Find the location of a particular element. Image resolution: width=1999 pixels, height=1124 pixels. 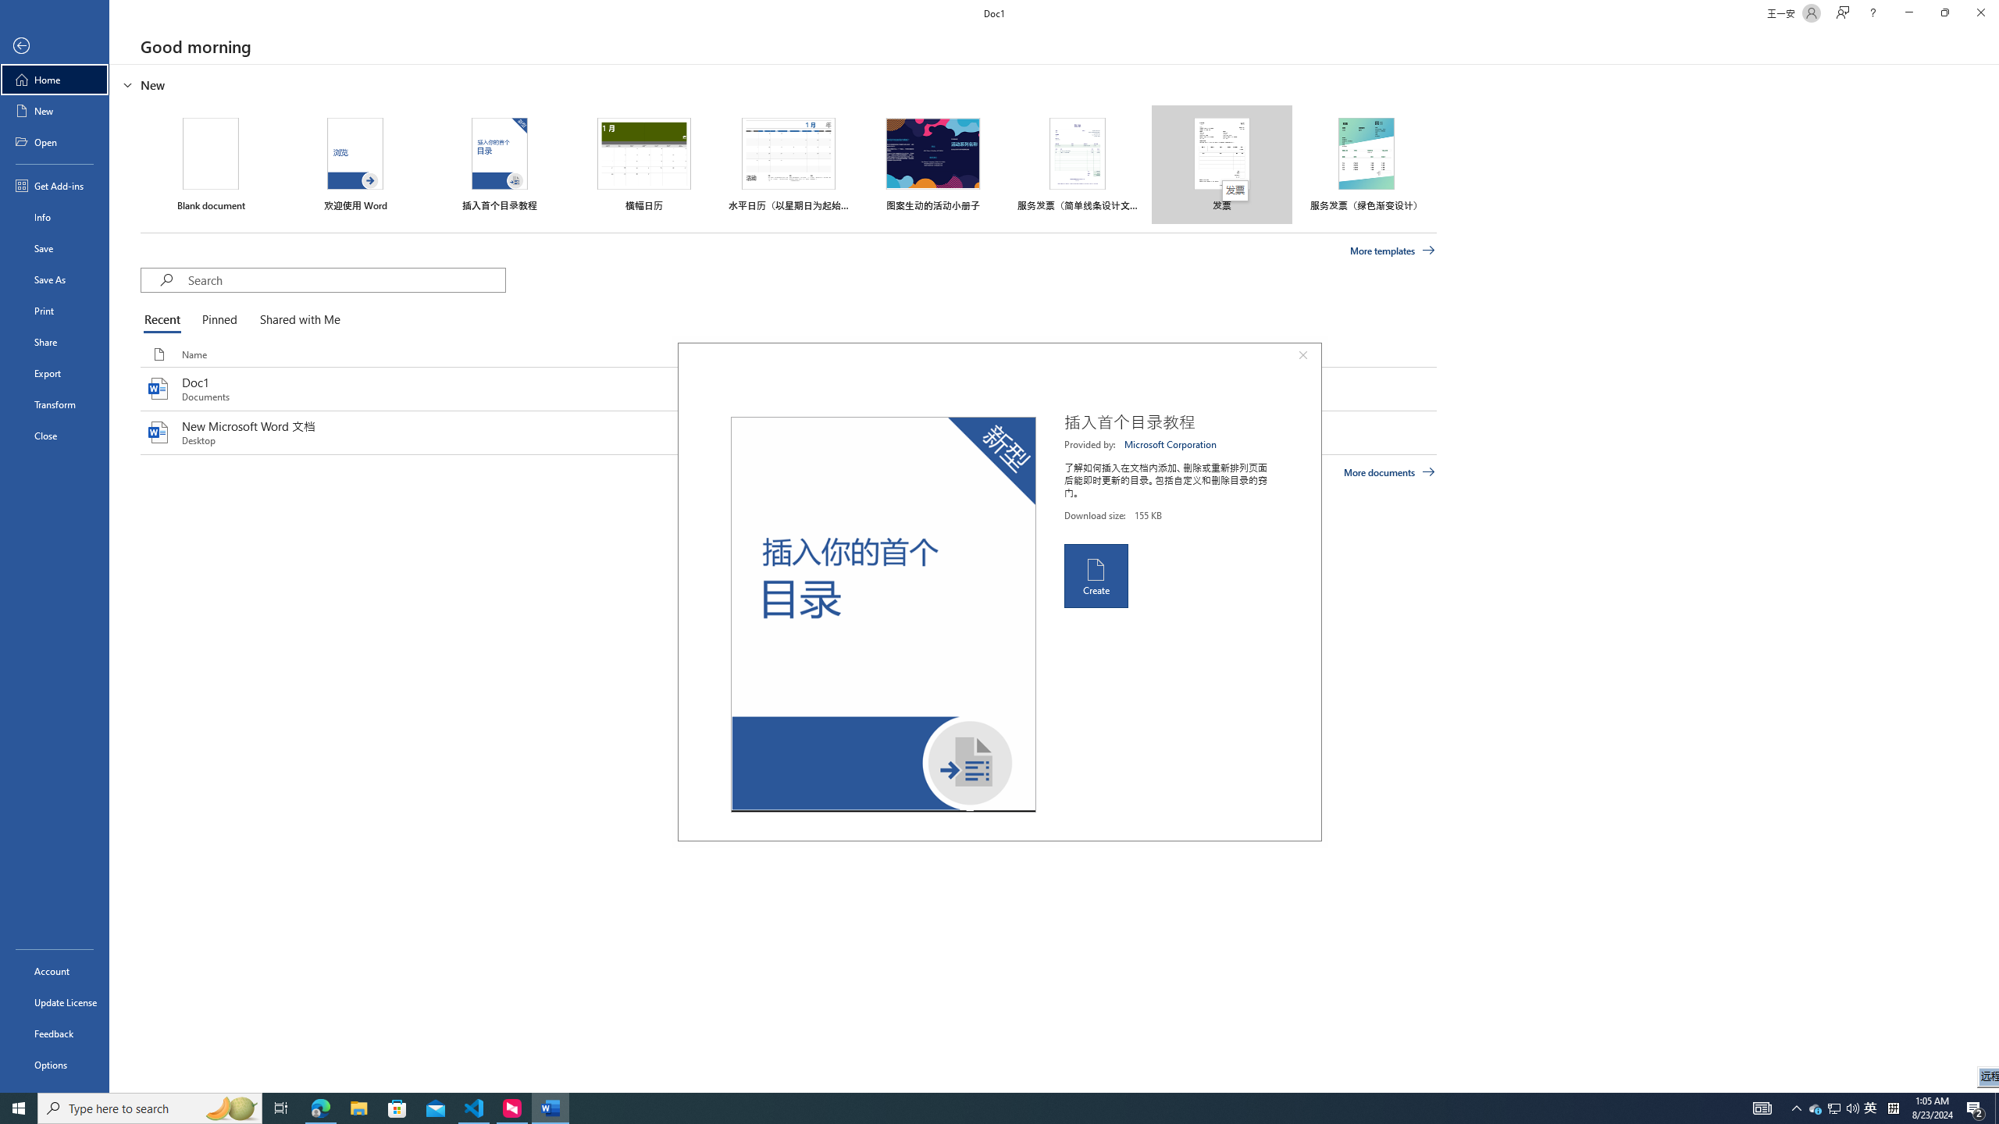

'Get Add-ins' is located at coordinates (54, 185).